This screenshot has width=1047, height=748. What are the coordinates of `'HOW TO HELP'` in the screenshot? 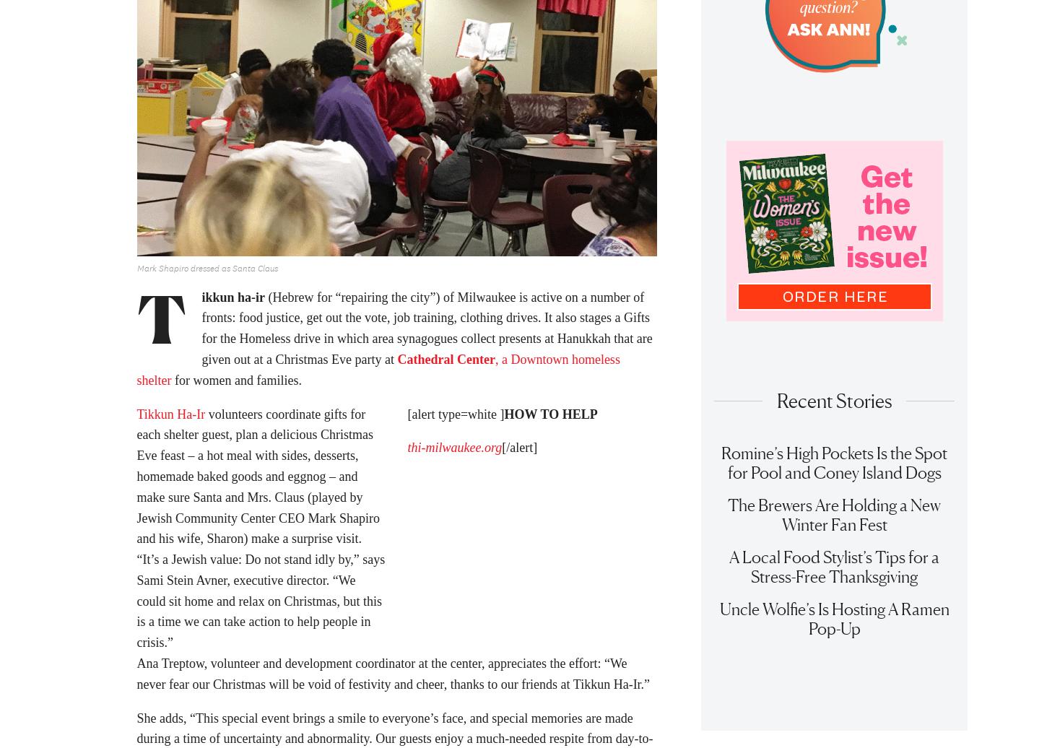 It's located at (550, 418).